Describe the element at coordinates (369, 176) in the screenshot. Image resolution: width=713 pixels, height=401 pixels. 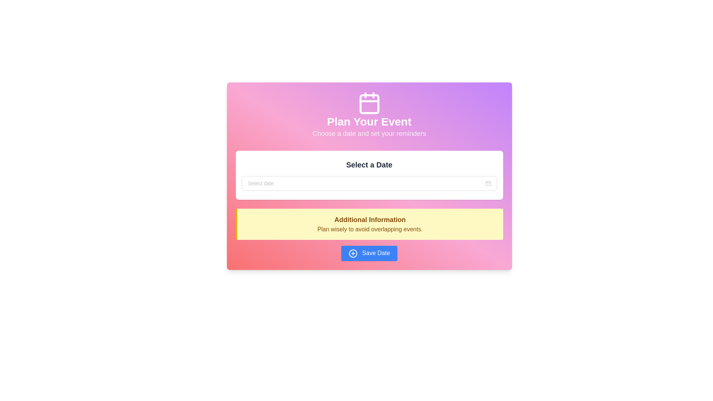
I see `the Interactive Panel that serves as a central hub for users to select a specific date for their event planning` at that location.